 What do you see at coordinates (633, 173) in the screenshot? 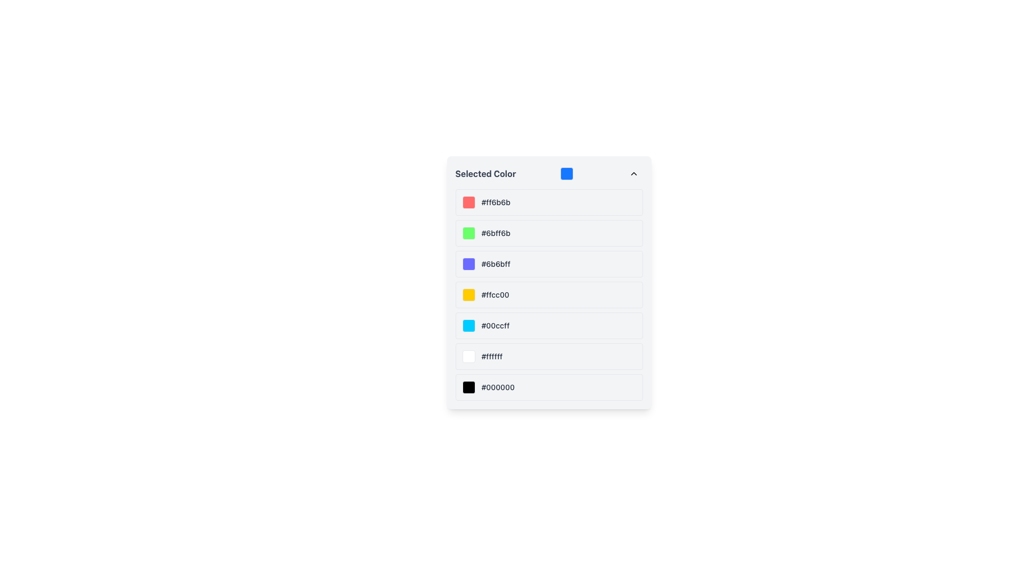
I see `the chevron icon button that toggles the options related to the 'Selected Color' header` at bounding box center [633, 173].